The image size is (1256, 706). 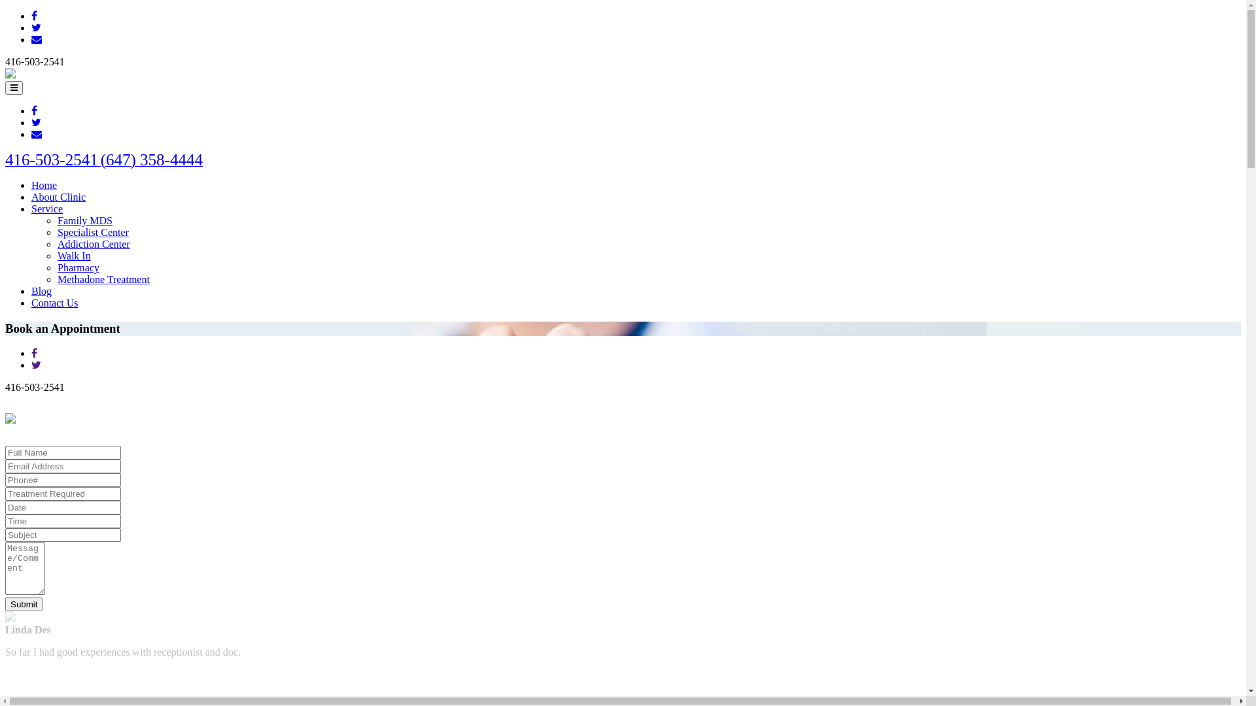 What do you see at coordinates (31, 303) in the screenshot?
I see `'Contact Us'` at bounding box center [31, 303].